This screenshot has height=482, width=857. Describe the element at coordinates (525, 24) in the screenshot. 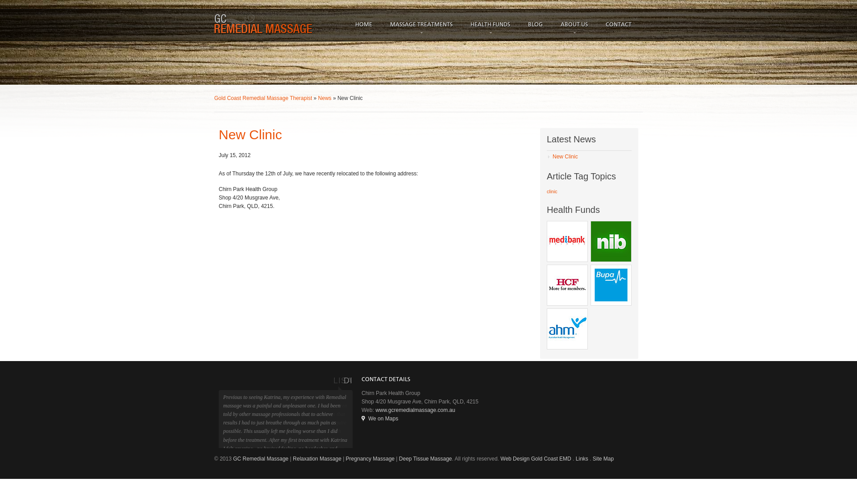

I see `'BLOG'` at that location.